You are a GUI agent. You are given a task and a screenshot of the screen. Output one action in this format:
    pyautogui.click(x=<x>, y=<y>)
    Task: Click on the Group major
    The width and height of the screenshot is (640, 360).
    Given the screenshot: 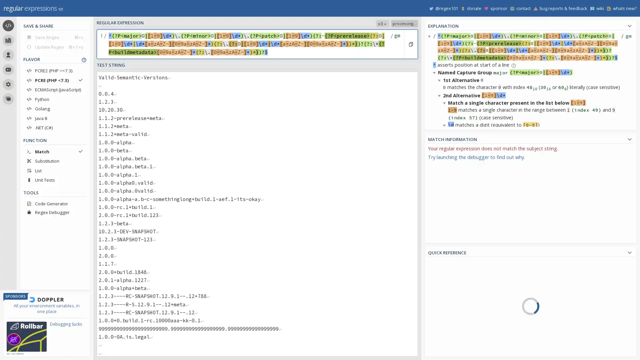 What is the action you would take?
    pyautogui.click(x=446, y=165)
    